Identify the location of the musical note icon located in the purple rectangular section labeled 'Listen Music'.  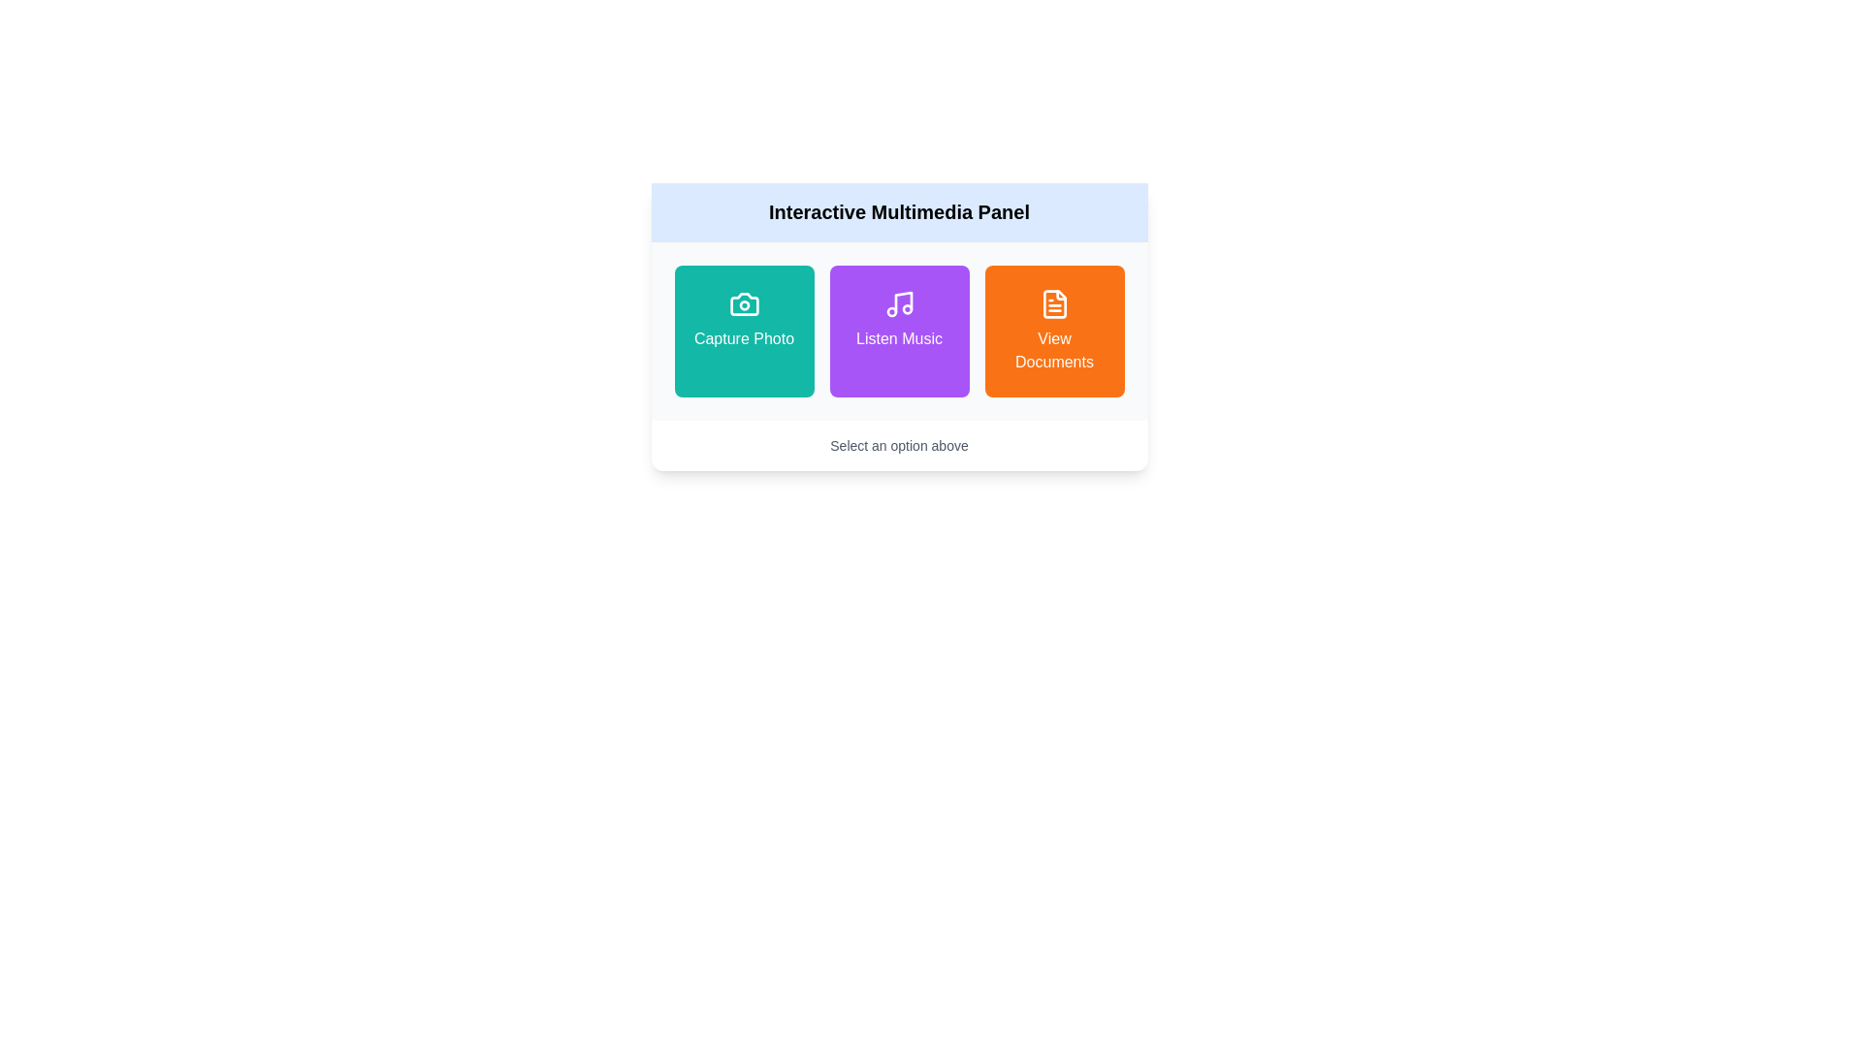
(898, 303).